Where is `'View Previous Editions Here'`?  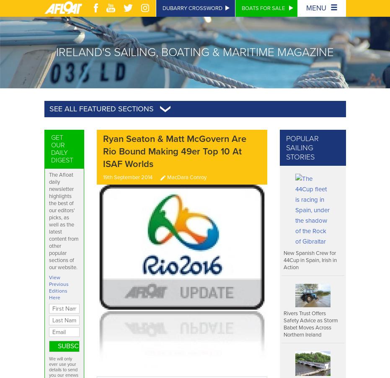 'View Previous Editions Here' is located at coordinates (58, 287).